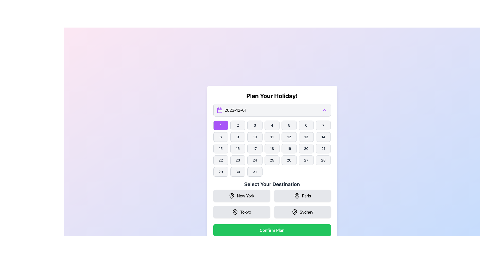 The height and width of the screenshot is (273, 487). I want to click on the button with the number '4' that is part of a grid displaying numbers from 1 to 31, located in the first row and fourth column, so click(272, 125).